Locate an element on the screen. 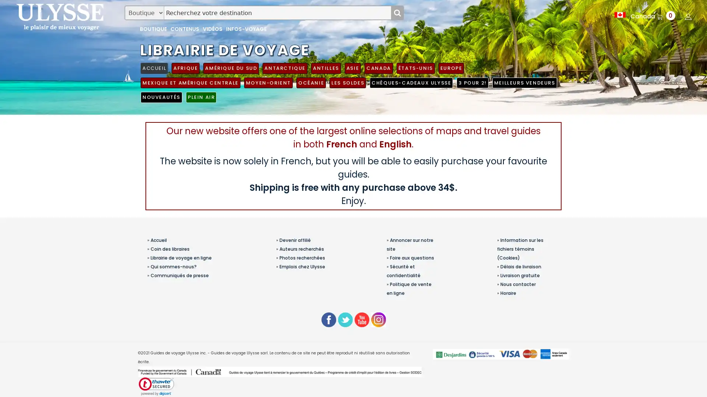 Image resolution: width=707 pixels, height=397 pixels. MEILLEURS VENDEURS is located at coordinates (524, 82).